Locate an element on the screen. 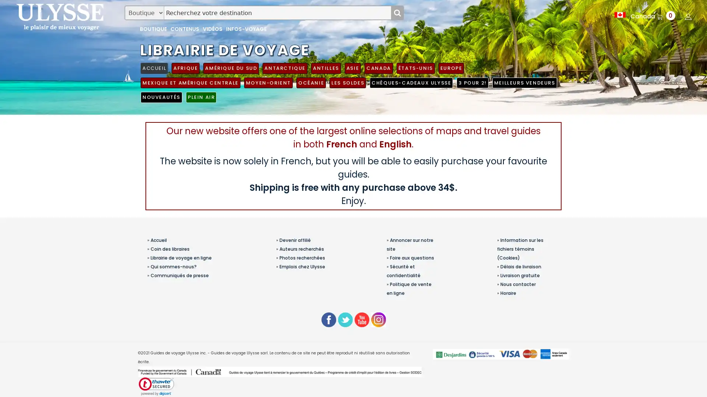 Image resolution: width=707 pixels, height=397 pixels. MEILLEURS VENDEURS is located at coordinates (524, 82).